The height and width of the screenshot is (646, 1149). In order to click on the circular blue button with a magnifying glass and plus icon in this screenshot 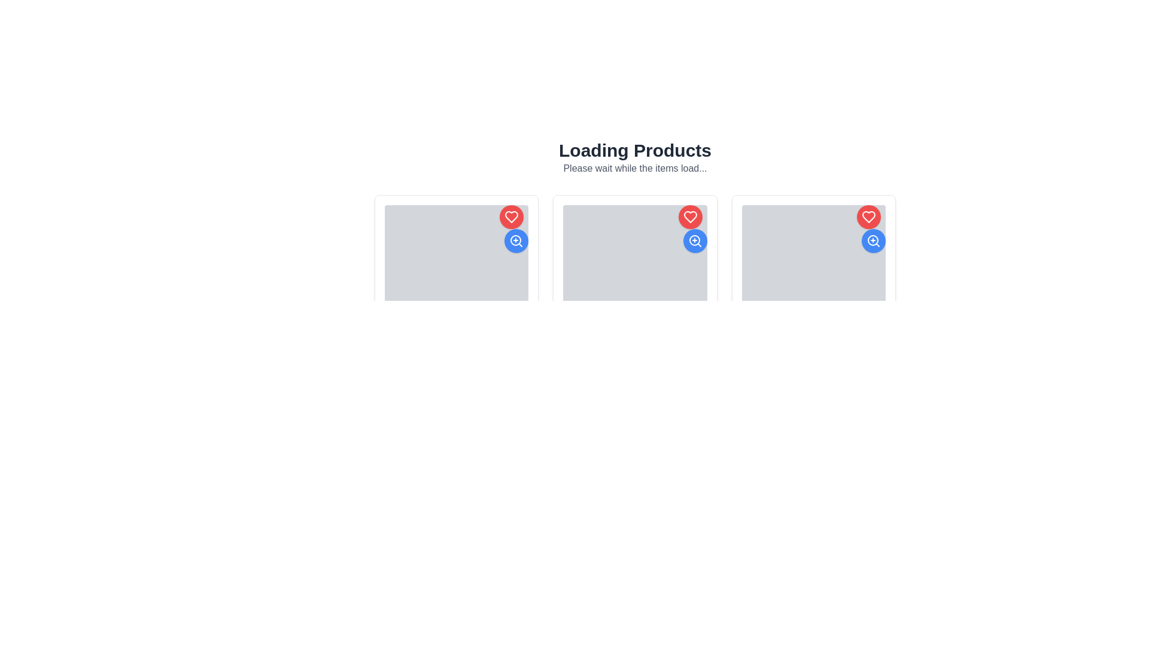, I will do `click(871, 228)`.